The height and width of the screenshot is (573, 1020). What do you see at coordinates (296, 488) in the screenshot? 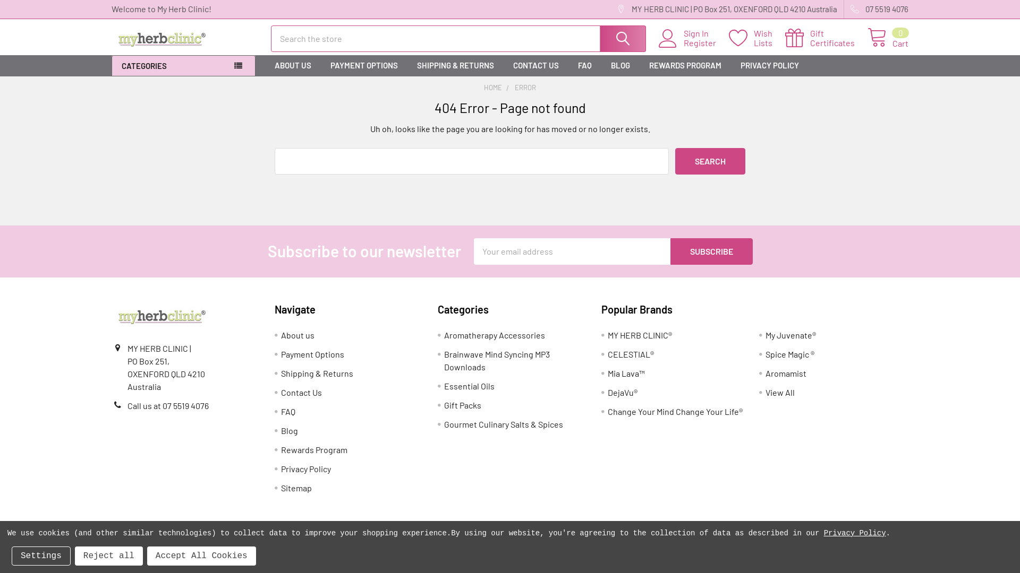
I see `'Sitemap'` at bounding box center [296, 488].